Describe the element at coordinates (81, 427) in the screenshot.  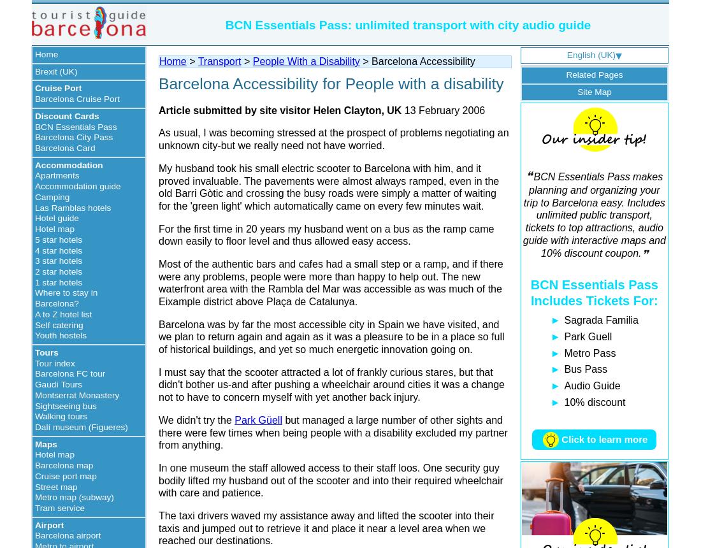
I see `'Dalí museum (Figueres)'` at that location.